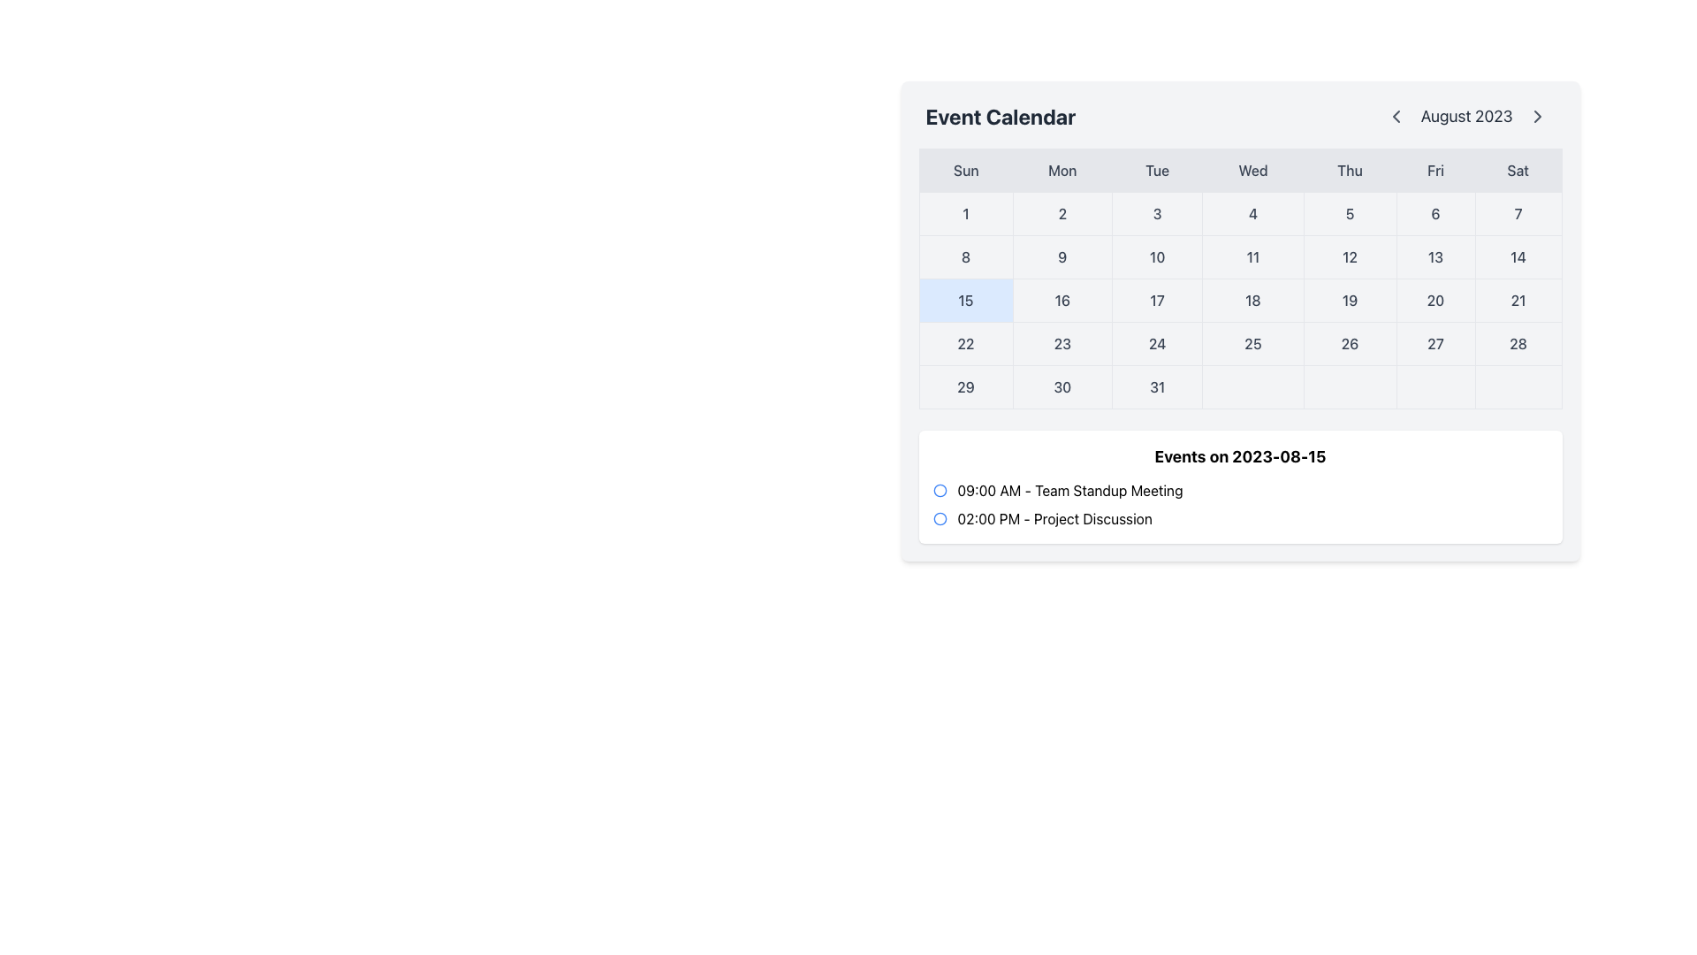  I want to click on the Text Label element displaying 'August 2023', which is styled with a large font size and gray color, located in the navigation bar above the calendar view, so click(1466, 116).